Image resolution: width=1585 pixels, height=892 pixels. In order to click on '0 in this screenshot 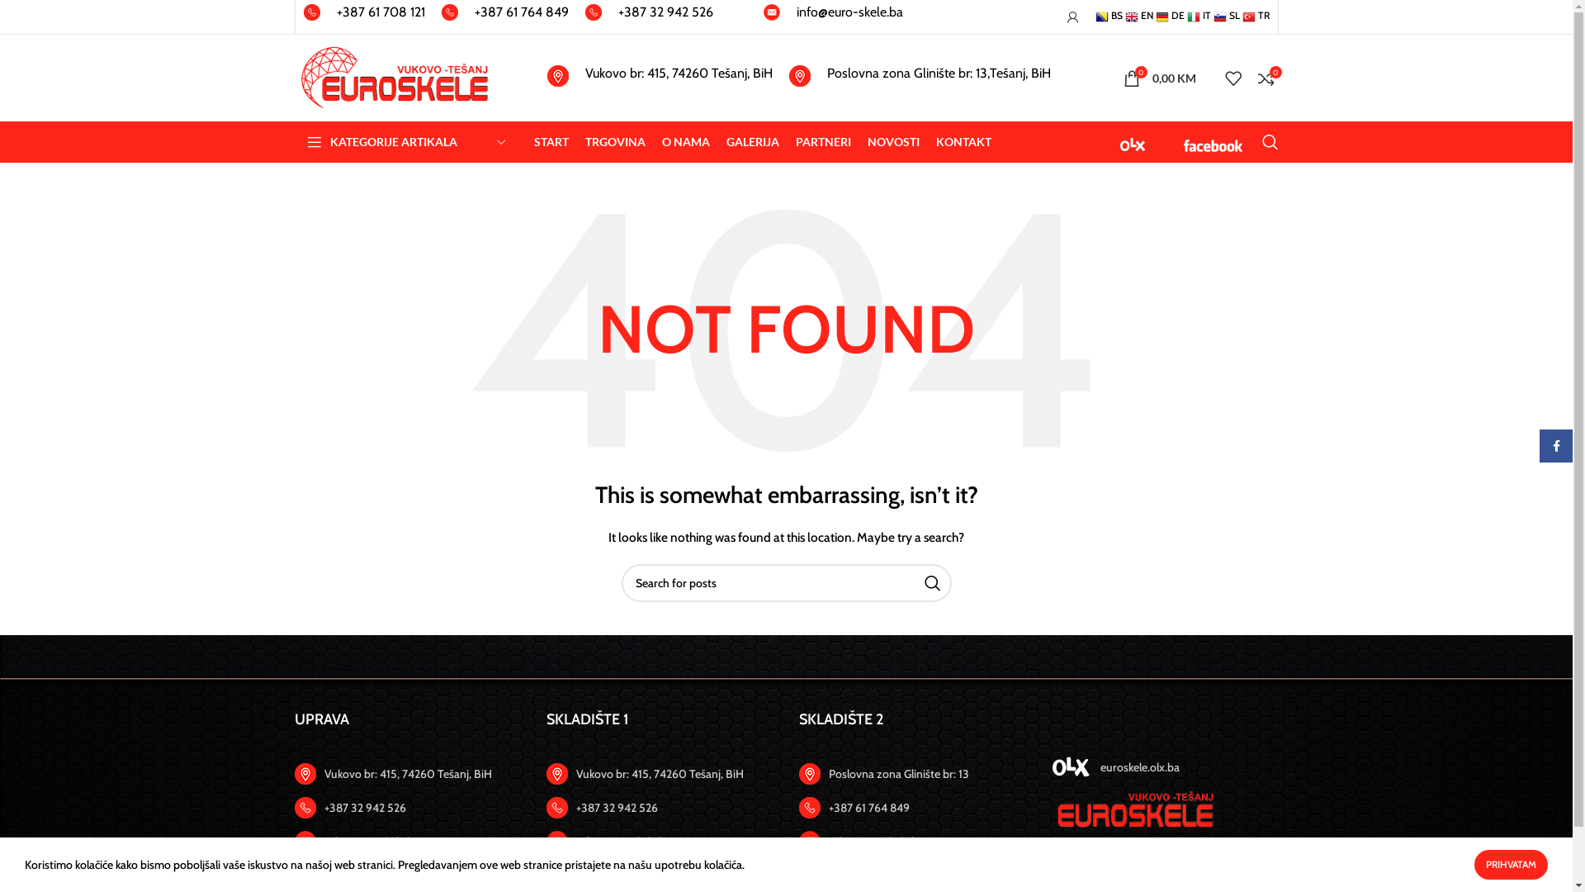, I will do `click(1114, 77)`.